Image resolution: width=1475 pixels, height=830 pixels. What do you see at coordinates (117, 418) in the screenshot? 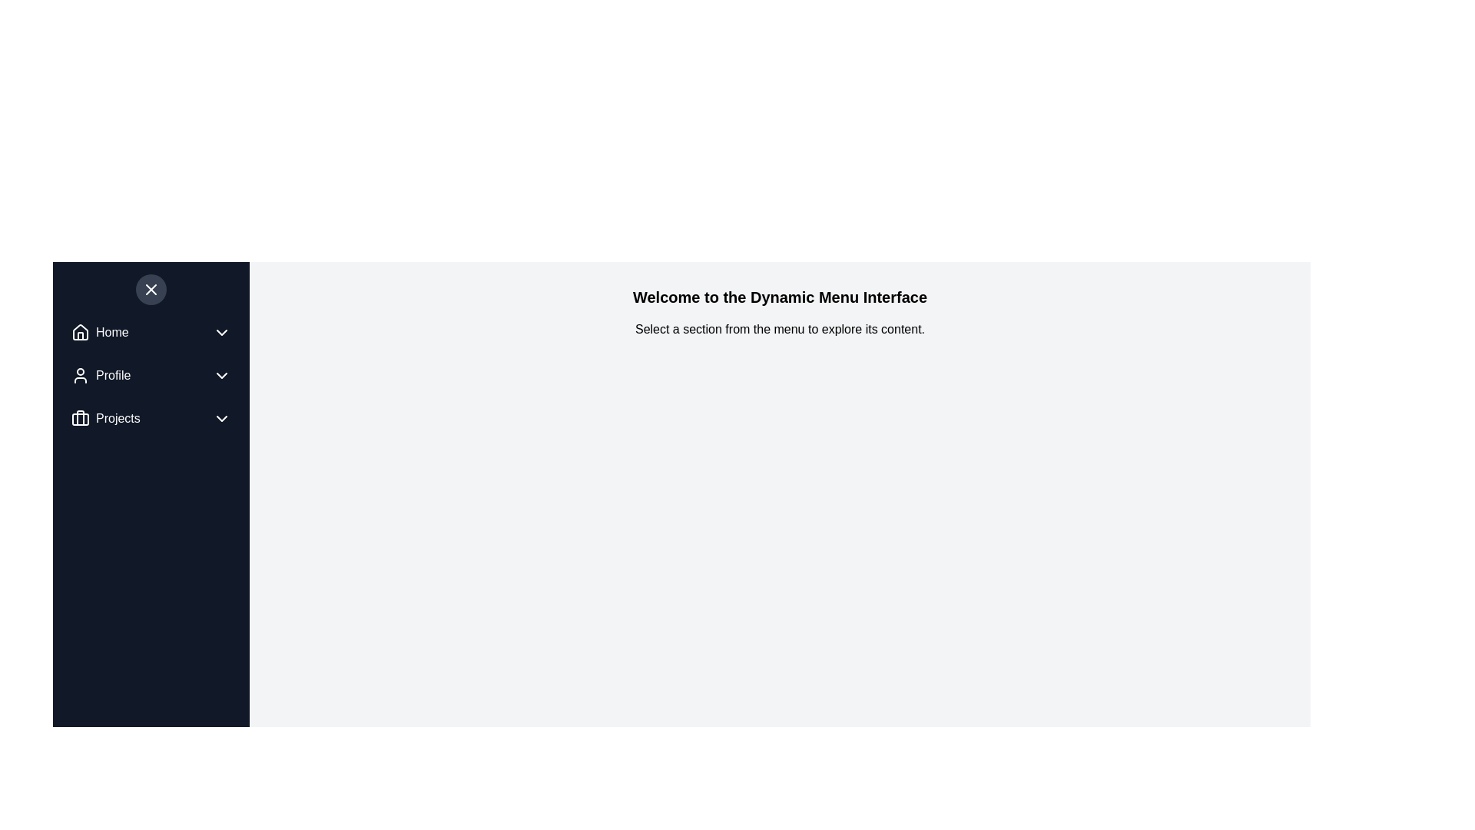
I see `the 'Projects' text label in the sidebar menu` at bounding box center [117, 418].